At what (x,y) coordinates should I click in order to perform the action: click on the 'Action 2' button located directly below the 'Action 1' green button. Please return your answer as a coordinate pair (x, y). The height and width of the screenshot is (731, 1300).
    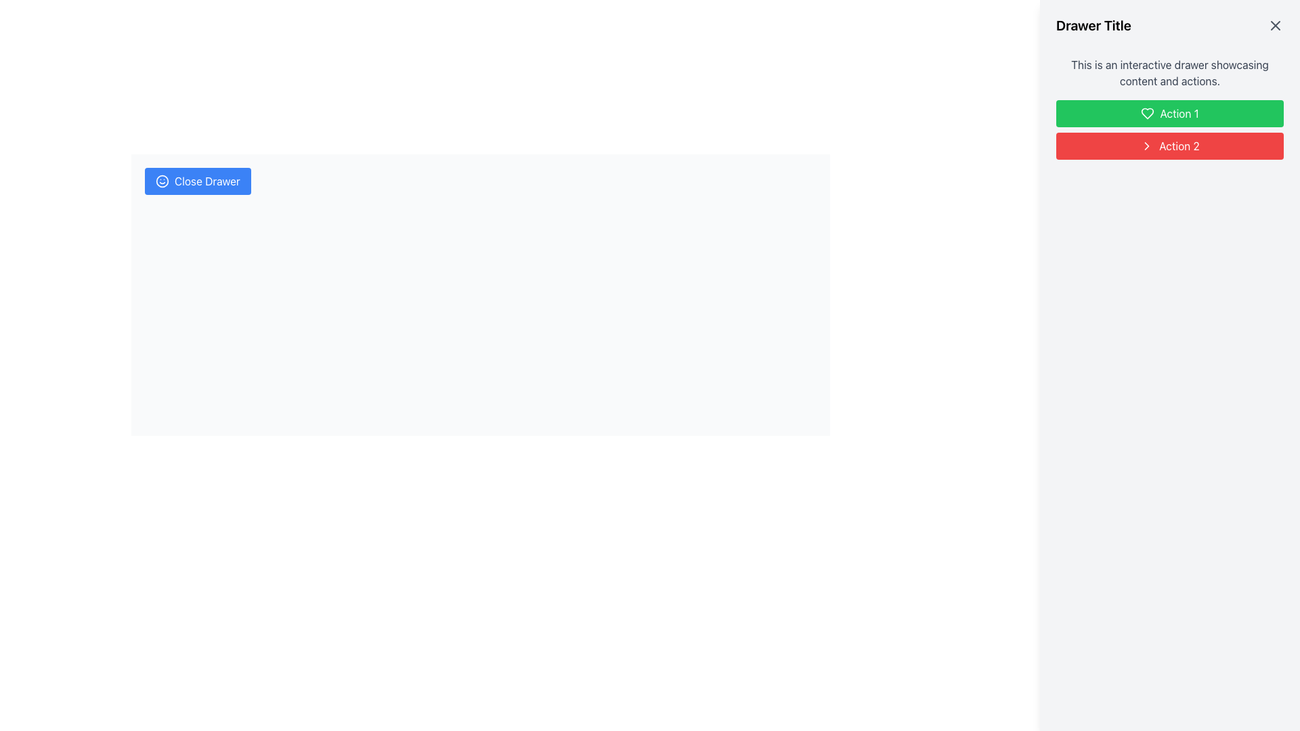
    Looking at the image, I should click on (1169, 146).